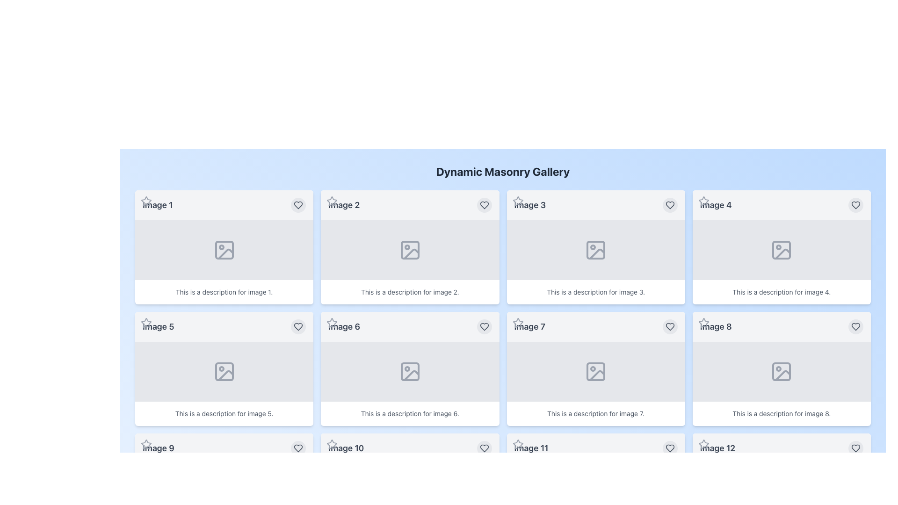 The image size is (898, 505). Describe the element at coordinates (782, 368) in the screenshot. I see `the Image card labeled 'Image 8', which features a white background, a bold label at the top left, a centered light gray image icon, and a description text at the bottom` at that location.